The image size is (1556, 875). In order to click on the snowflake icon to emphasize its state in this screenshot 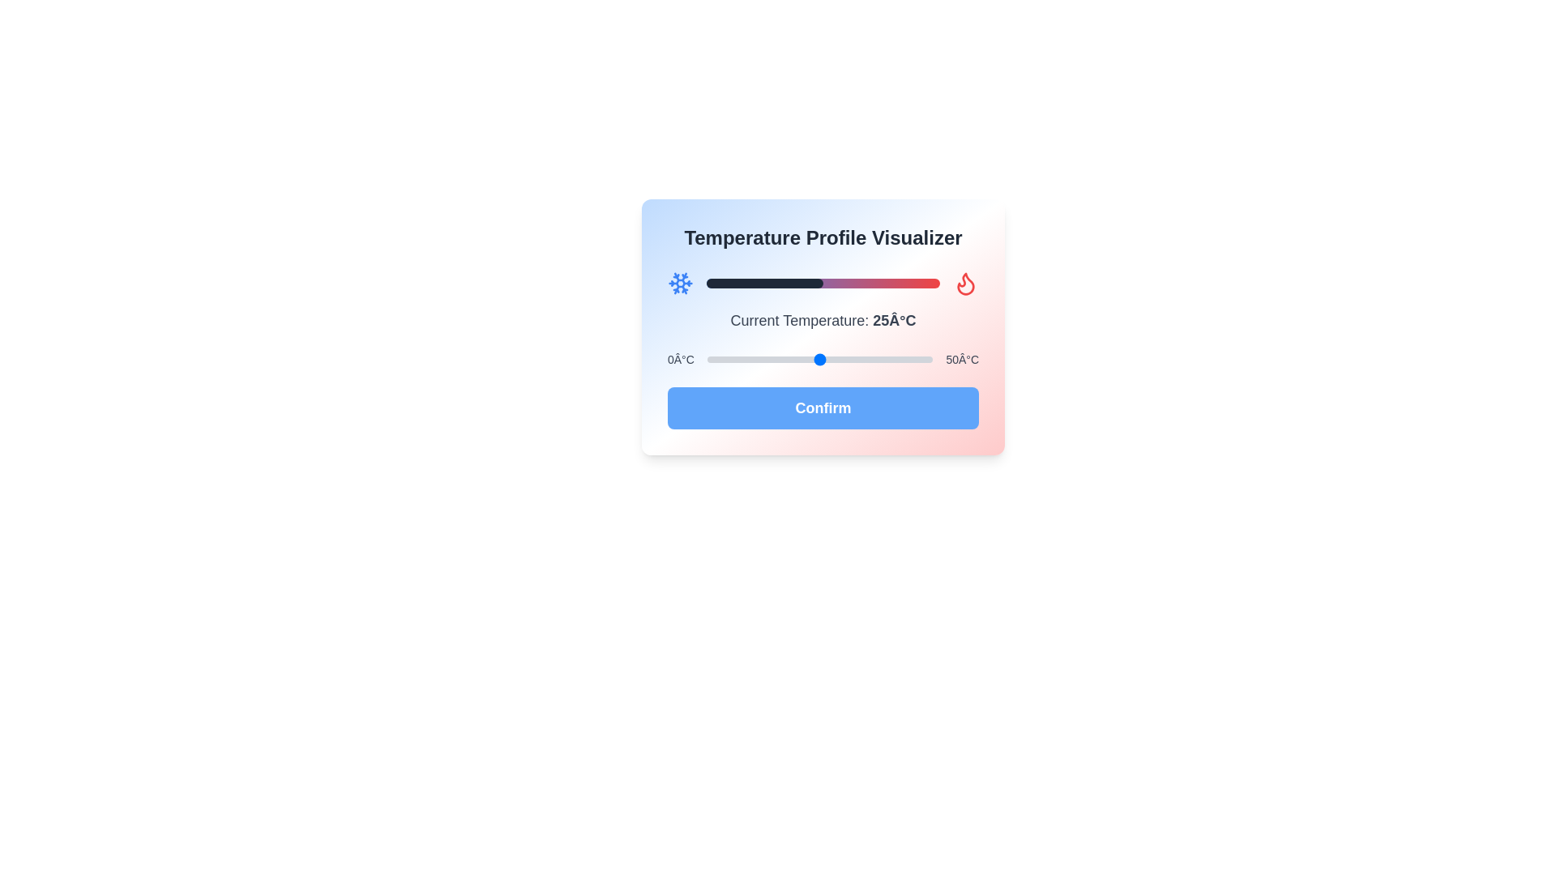, I will do `click(681, 283)`.